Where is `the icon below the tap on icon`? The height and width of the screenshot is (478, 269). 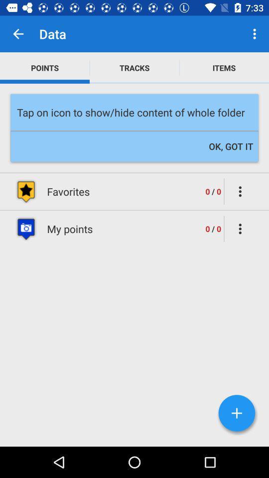
the icon below the tap on icon is located at coordinates (231, 146).